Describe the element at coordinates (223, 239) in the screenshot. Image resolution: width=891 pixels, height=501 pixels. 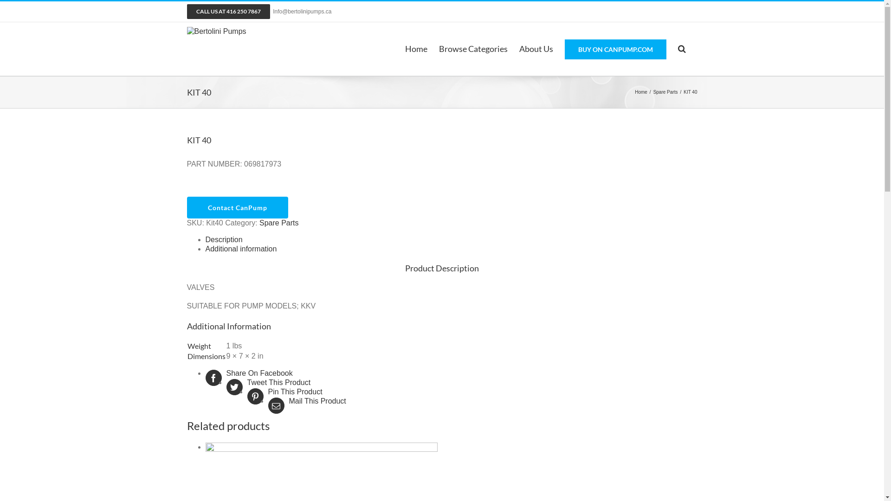
I see `'Description'` at that location.